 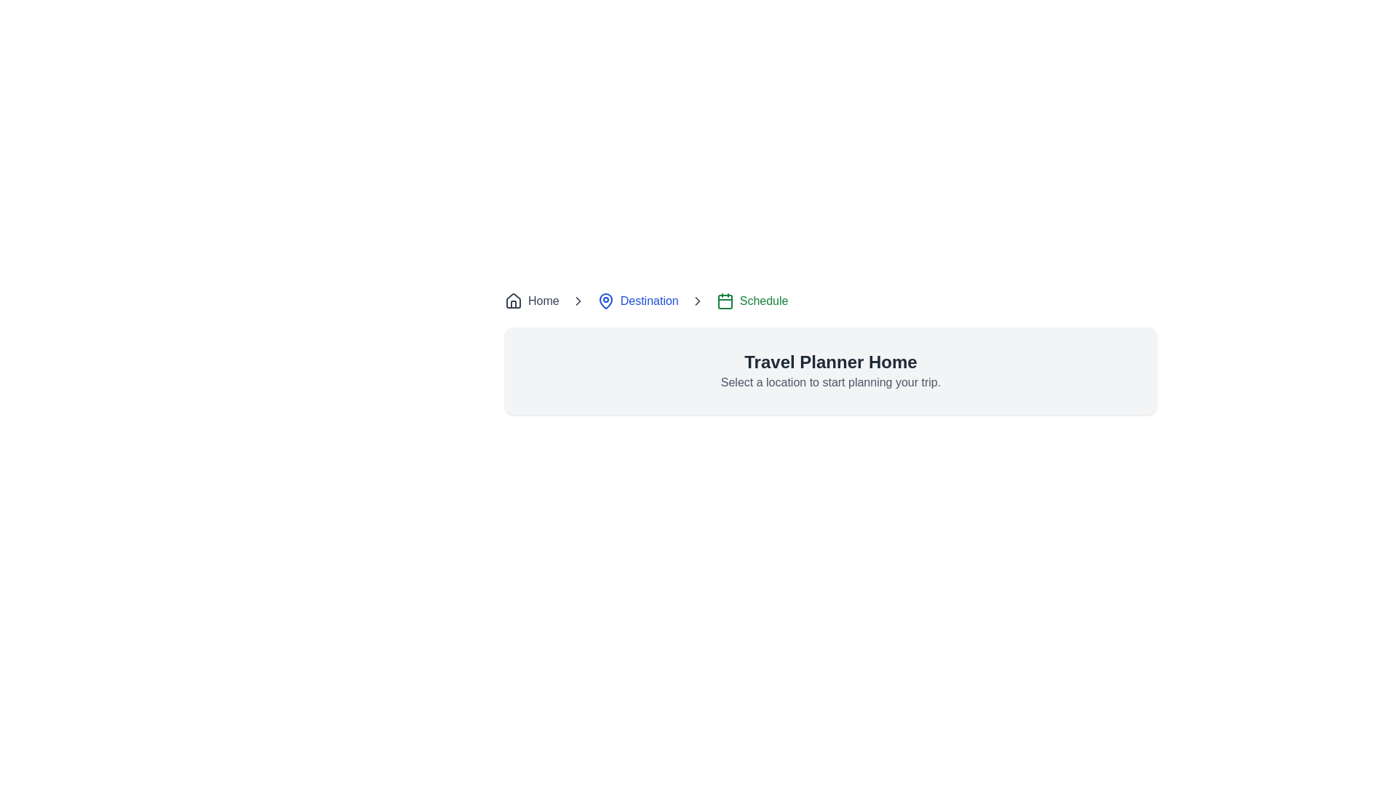 What do you see at coordinates (577, 300) in the screenshot?
I see `the adjacent elements for navigation context by interacting with the right-arrow icon located between the 'Home' and 'Destination' labels in the breadcrumb navigation` at bounding box center [577, 300].